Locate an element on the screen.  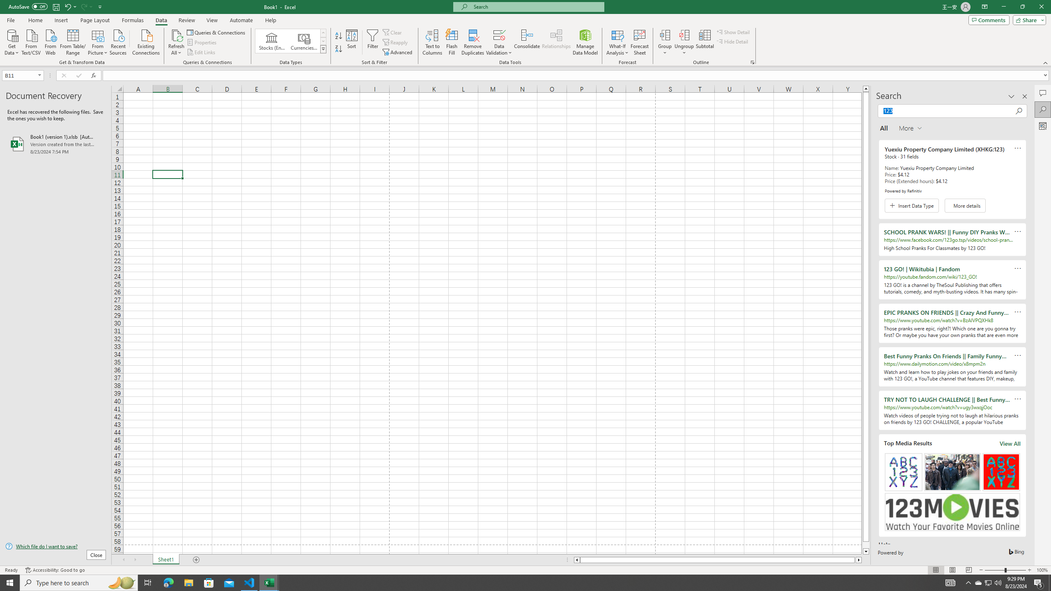
'Column left' is located at coordinates (576, 559).